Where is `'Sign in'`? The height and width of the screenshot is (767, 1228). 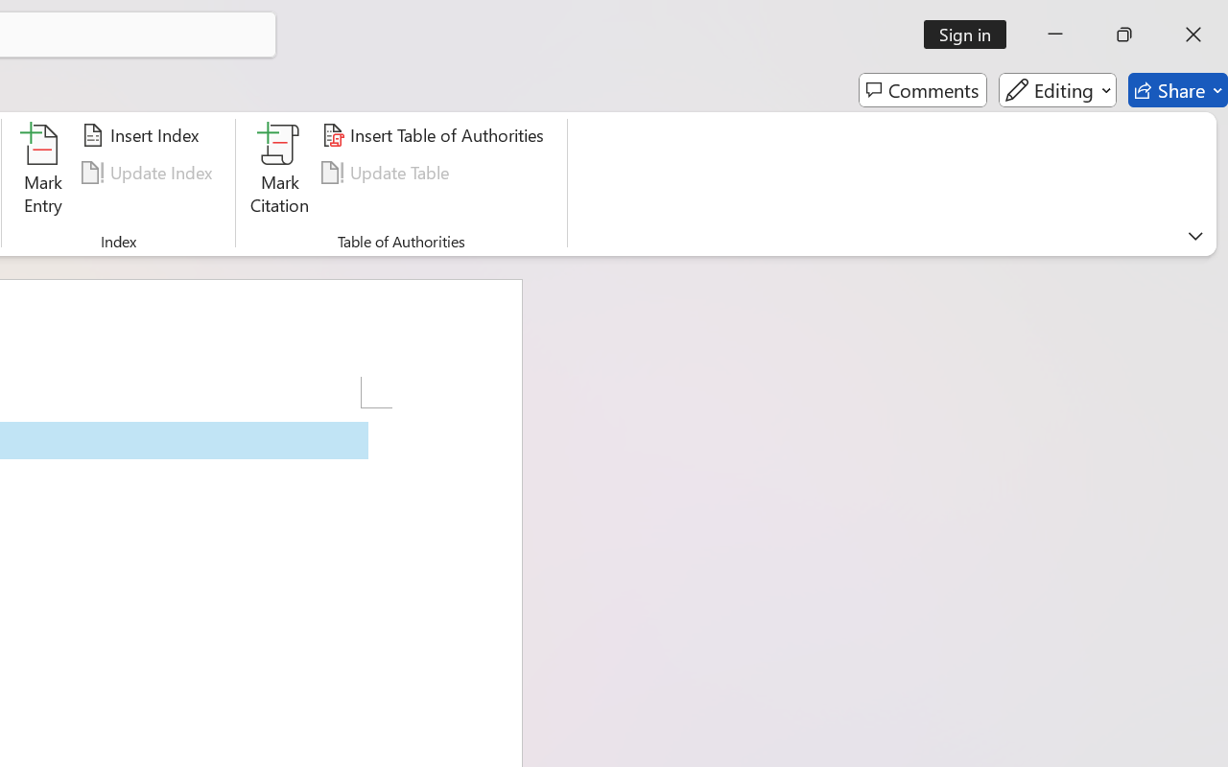
'Sign in' is located at coordinates (972, 34).